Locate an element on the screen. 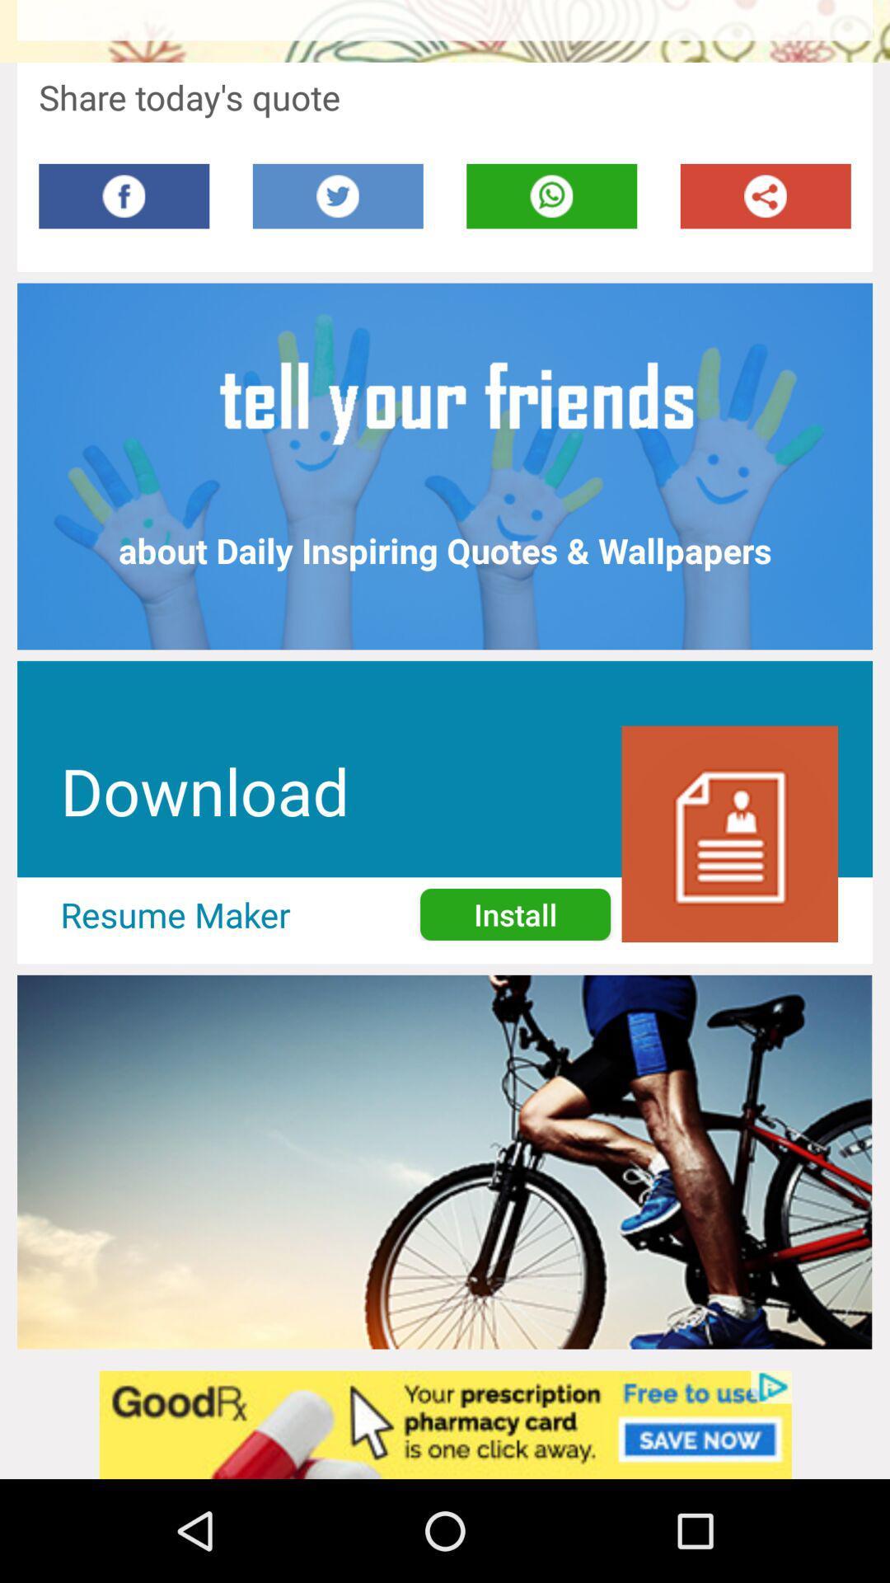 The image size is (890, 1583). facebook is located at coordinates (123, 196).